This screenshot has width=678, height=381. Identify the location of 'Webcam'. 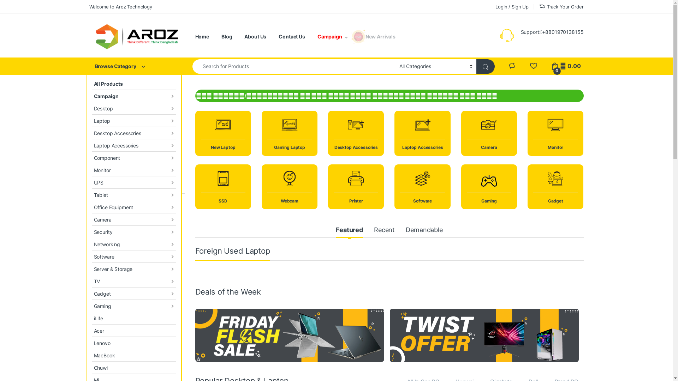
(290, 186).